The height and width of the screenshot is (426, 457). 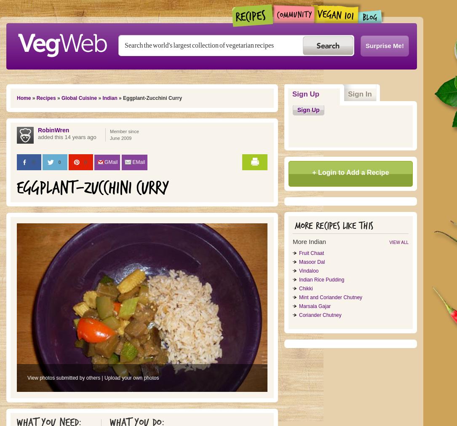 What do you see at coordinates (299, 262) in the screenshot?
I see `'Masoor Dal'` at bounding box center [299, 262].